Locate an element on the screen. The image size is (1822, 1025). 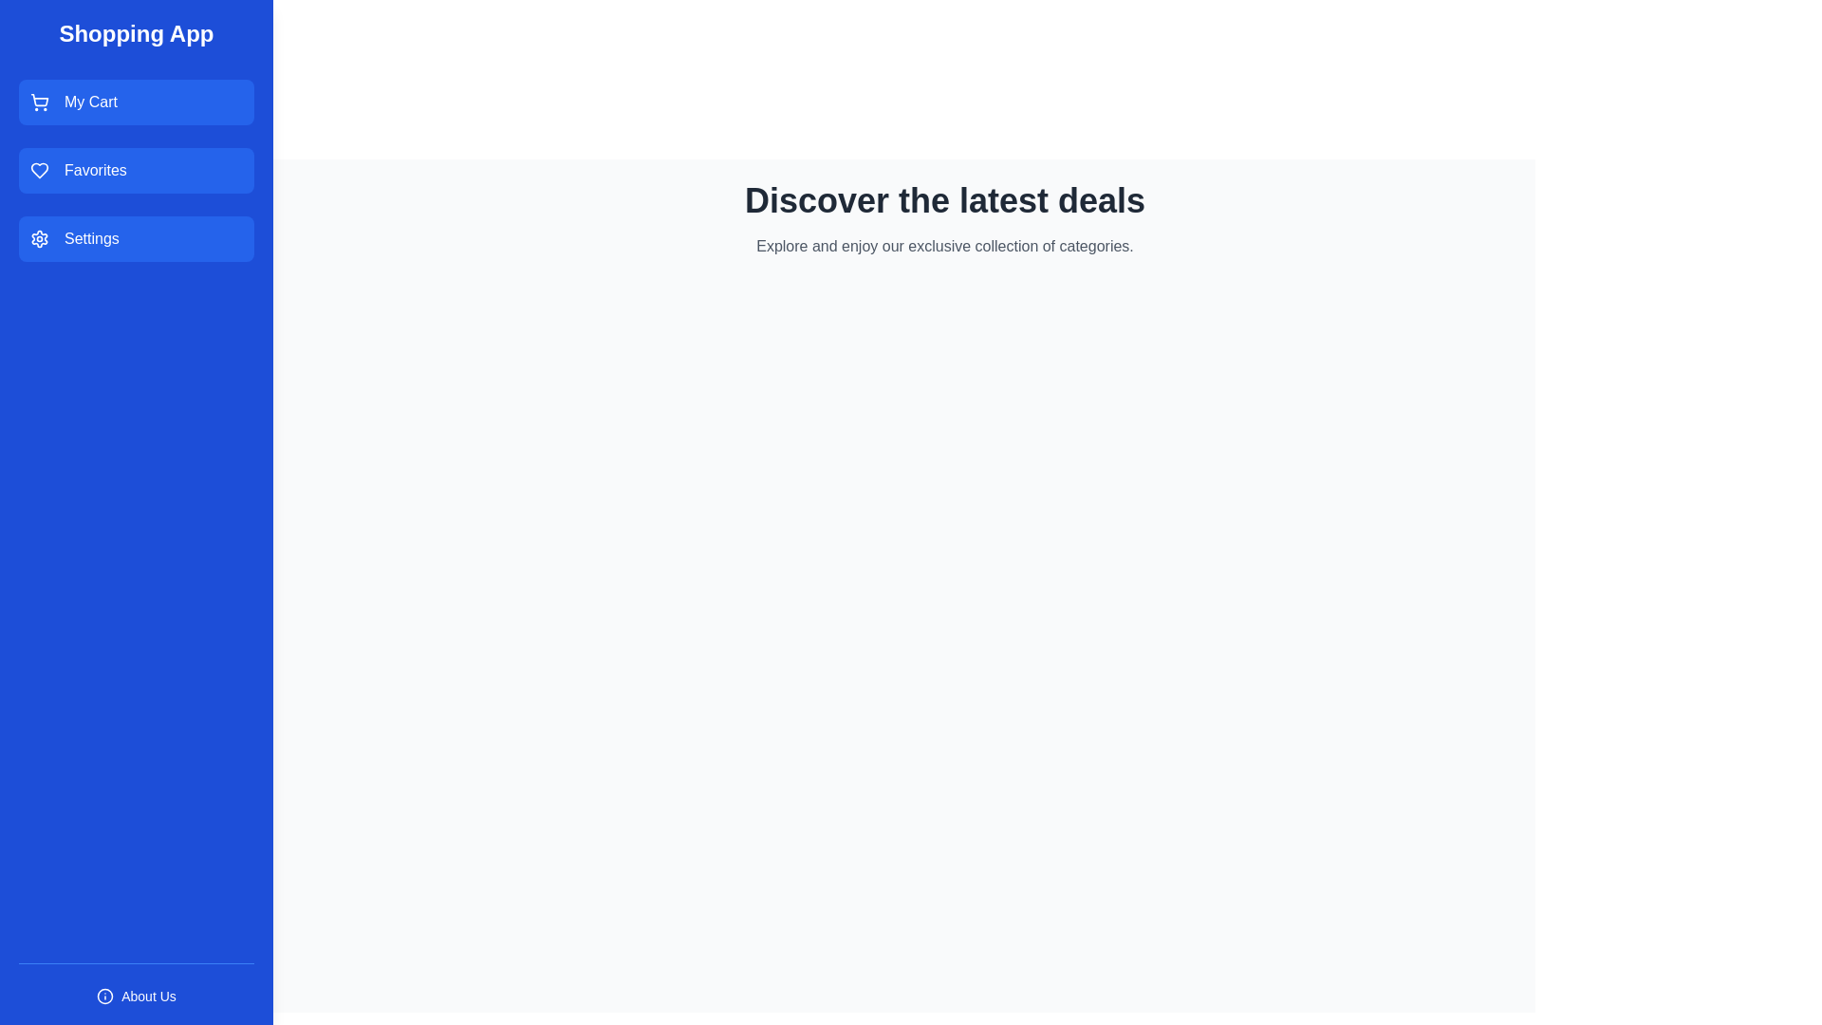
the 'My Cart' button to navigate to the cart page is located at coordinates (136, 102).